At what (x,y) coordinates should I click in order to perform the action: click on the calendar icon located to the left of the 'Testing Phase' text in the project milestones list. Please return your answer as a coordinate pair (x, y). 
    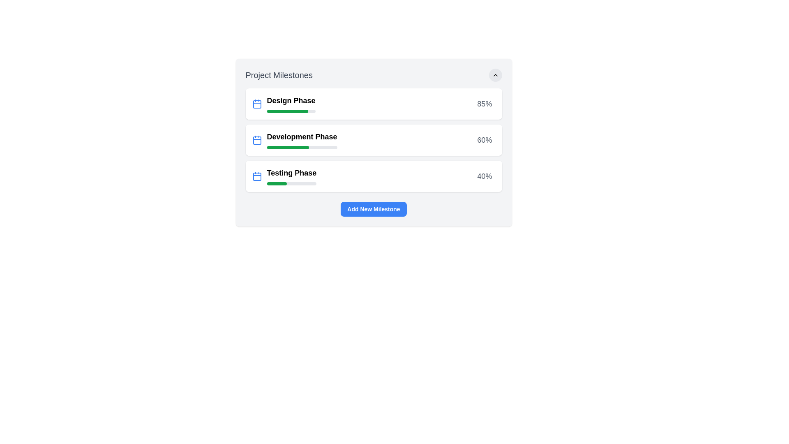
    Looking at the image, I should click on (256, 176).